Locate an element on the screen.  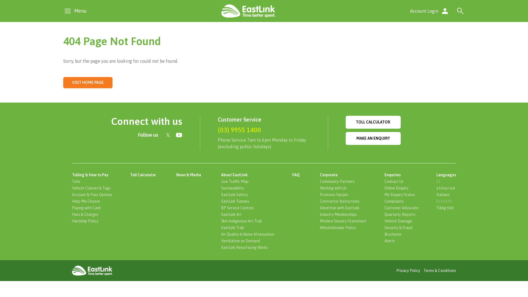
'Live Traffic Map' is located at coordinates (237, 181).